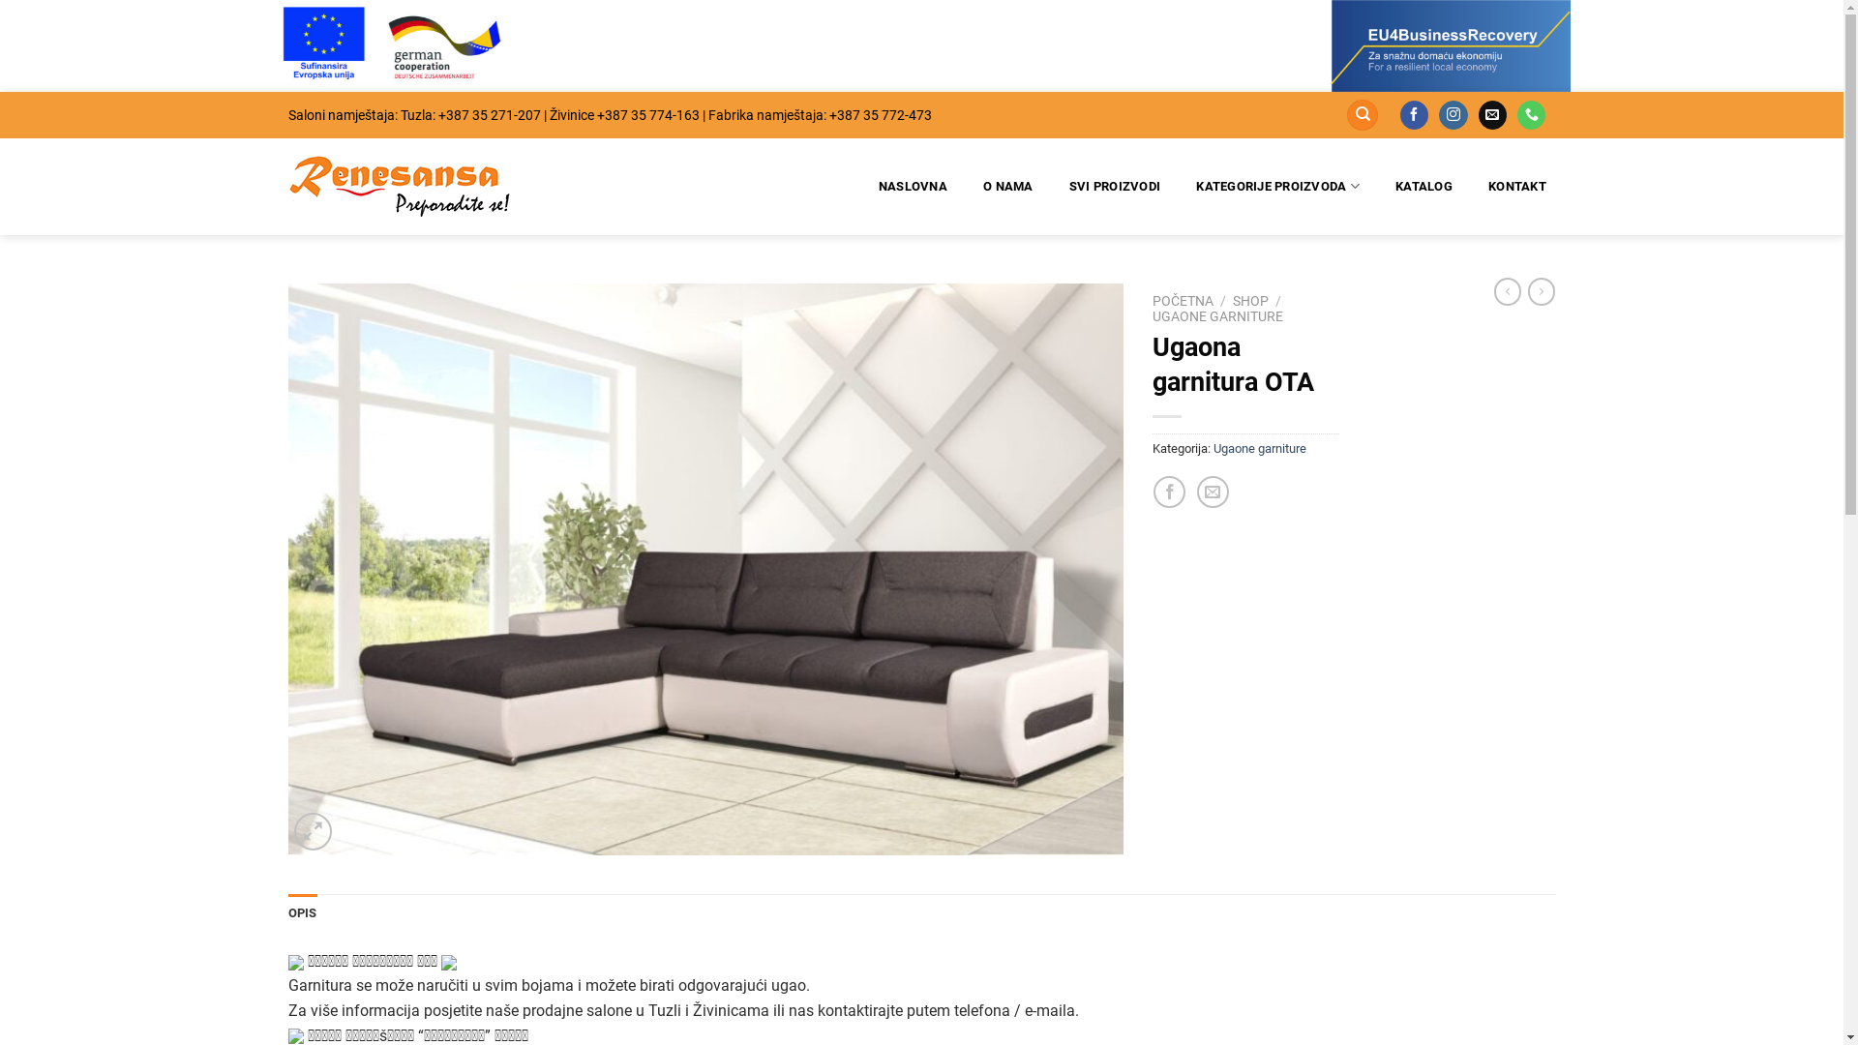 The image size is (1858, 1045). I want to click on 'Follow on Instagram', so click(1439, 115).